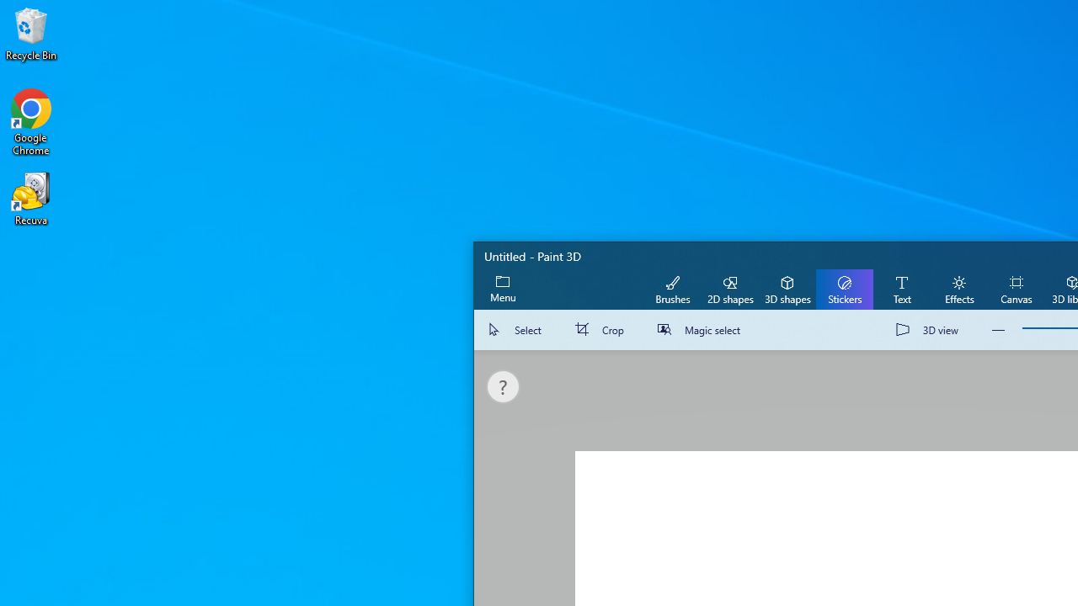  I want to click on 'Effects', so click(958, 288).